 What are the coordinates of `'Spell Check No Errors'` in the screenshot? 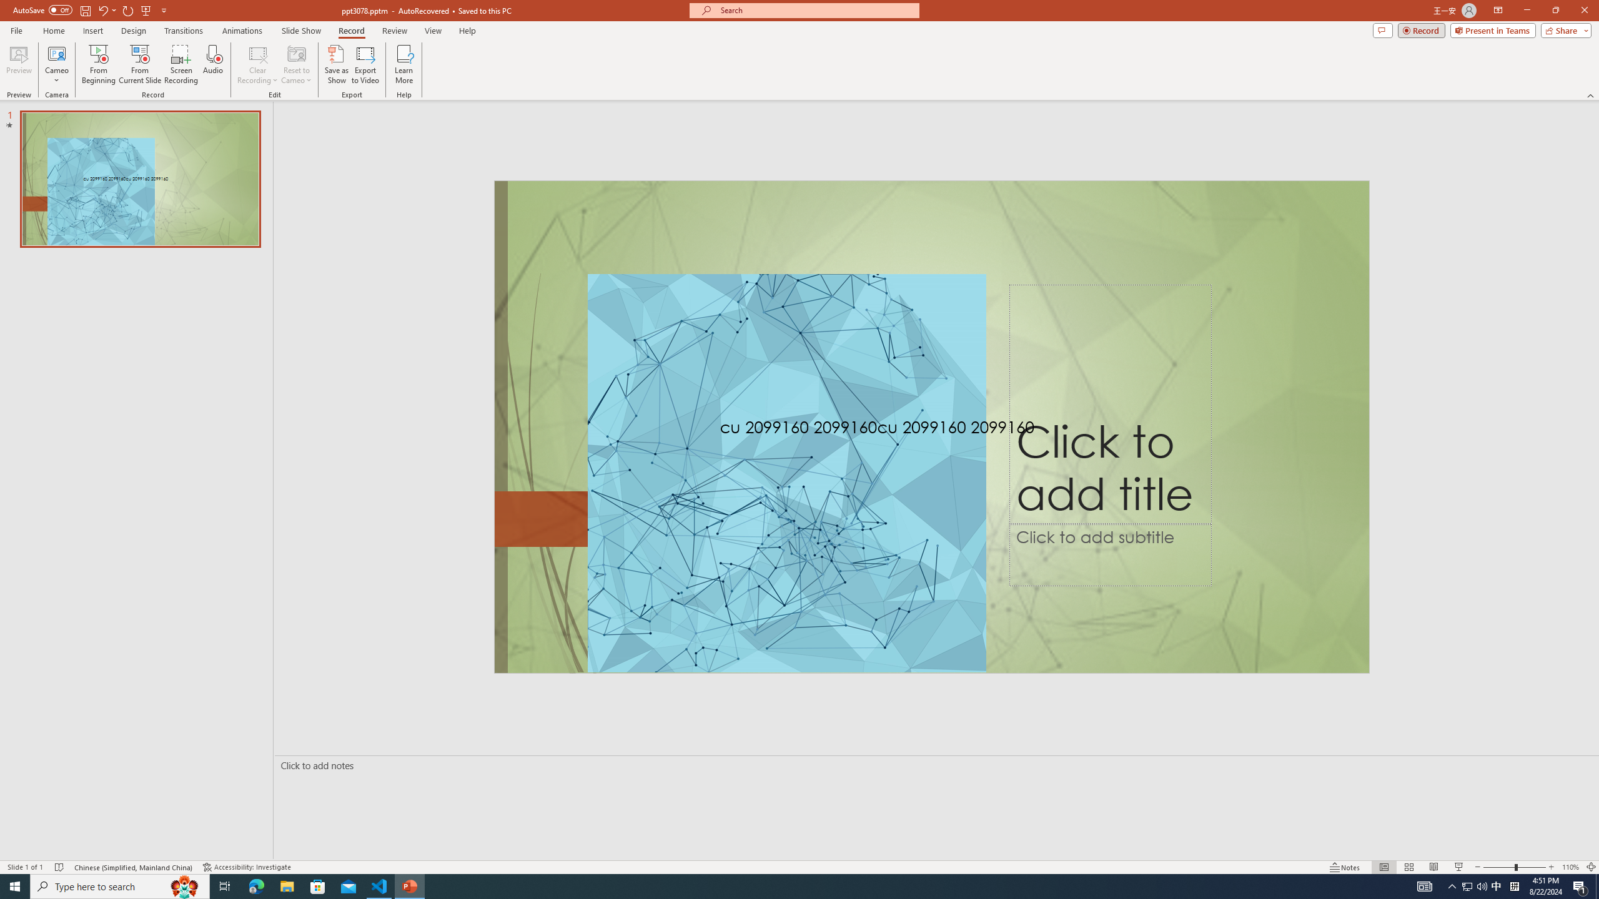 It's located at (59, 867).